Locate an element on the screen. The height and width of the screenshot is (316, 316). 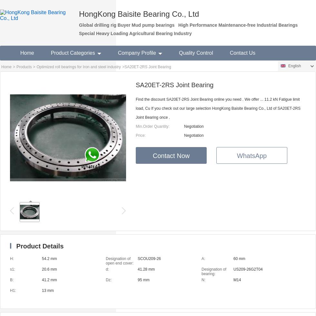
'HongKong Baisite Bearing Co., Ltd' is located at coordinates (139, 14).